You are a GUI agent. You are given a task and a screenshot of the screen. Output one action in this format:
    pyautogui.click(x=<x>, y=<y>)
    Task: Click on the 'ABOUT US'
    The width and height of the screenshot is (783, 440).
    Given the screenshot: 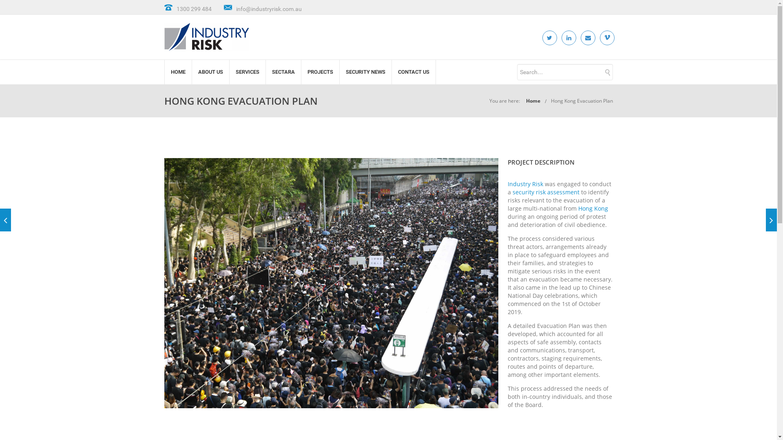 What is the action you would take?
    pyautogui.click(x=198, y=72)
    